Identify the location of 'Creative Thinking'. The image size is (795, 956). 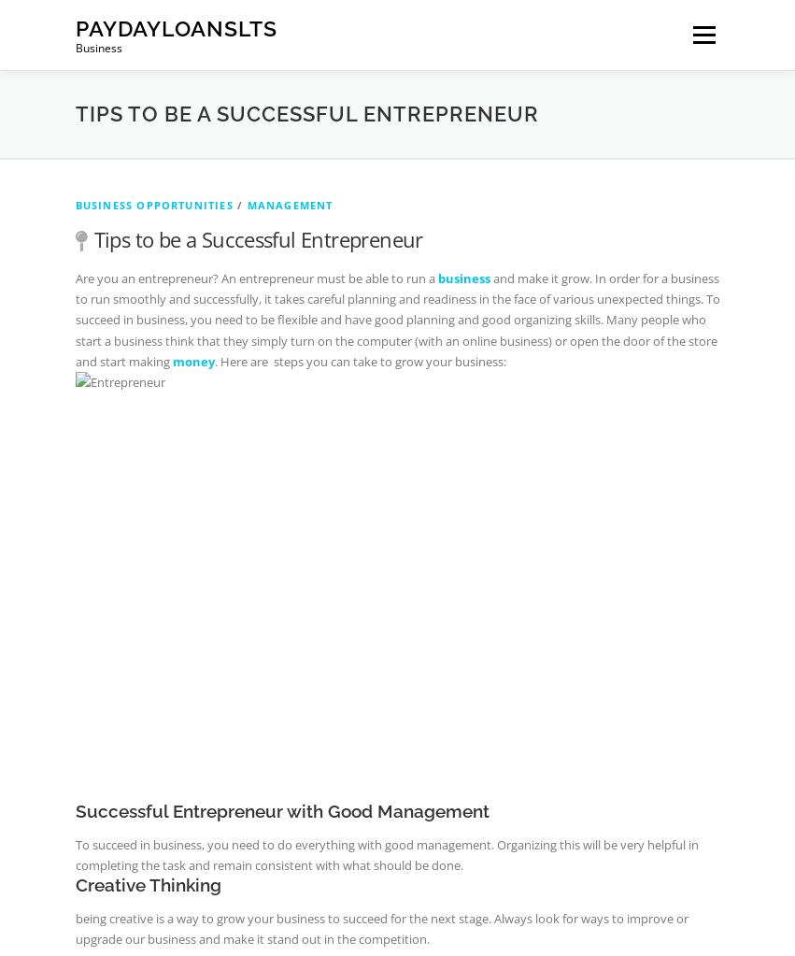
(147, 884).